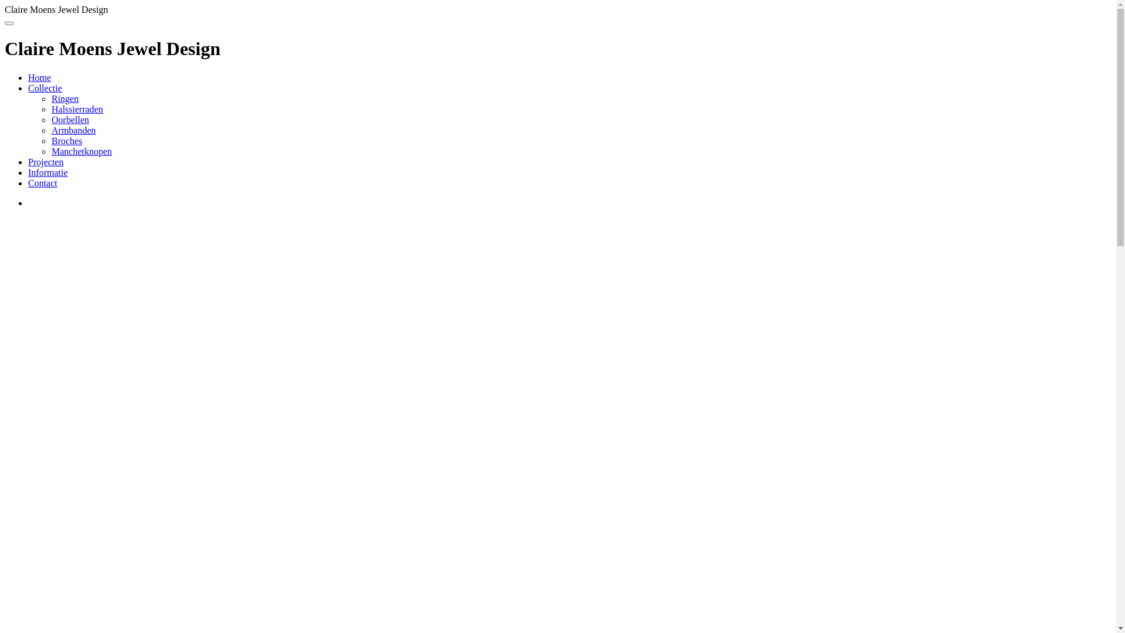  Describe the element at coordinates (66, 140) in the screenshot. I see `'Broches'` at that location.